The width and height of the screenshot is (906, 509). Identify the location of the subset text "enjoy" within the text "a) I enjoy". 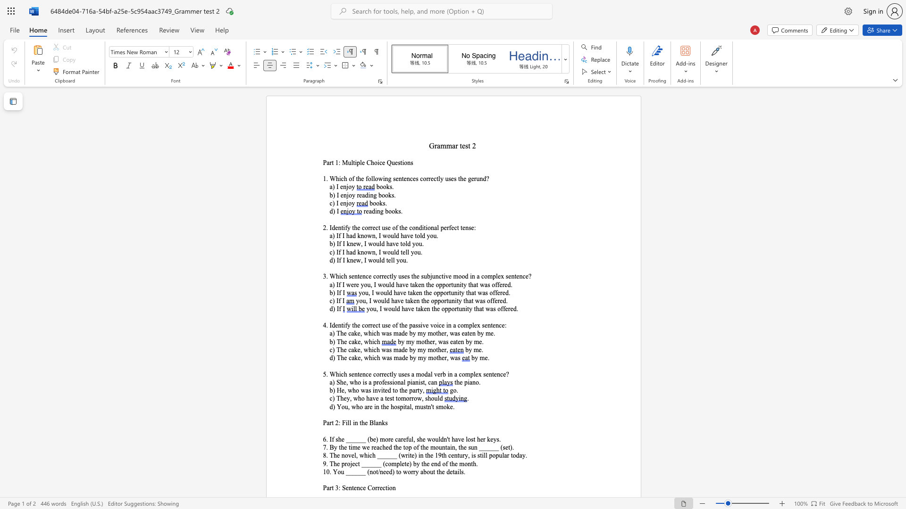
(340, 187).